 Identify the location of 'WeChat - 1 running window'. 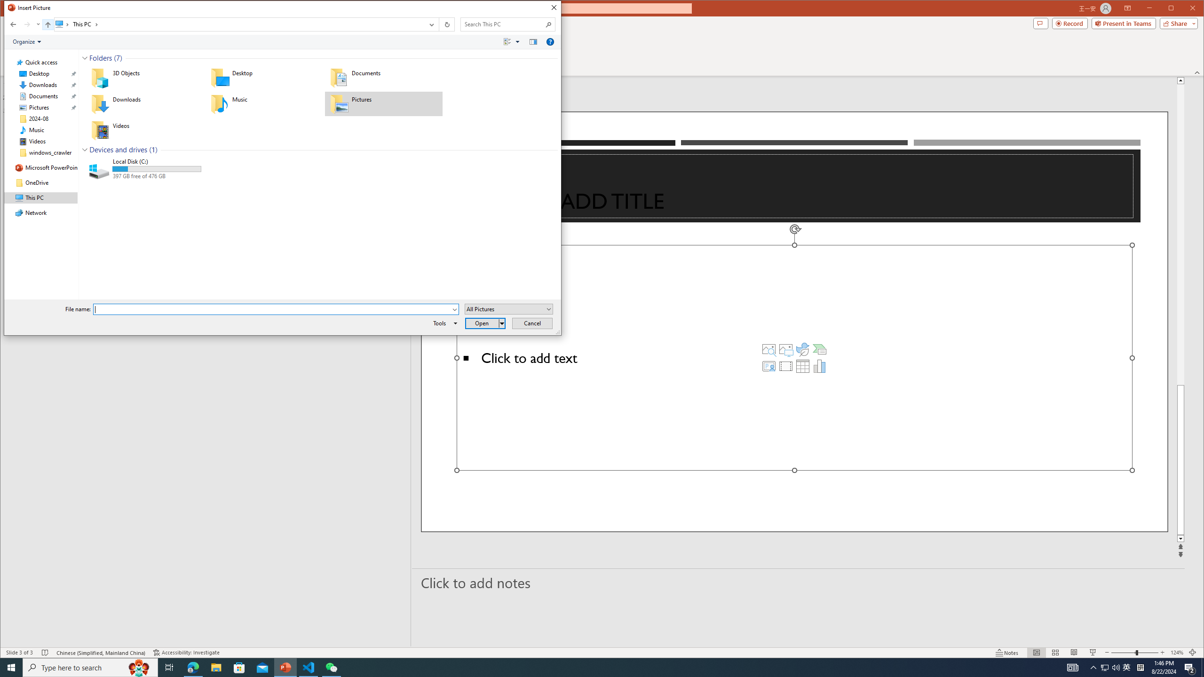
(332, 667).